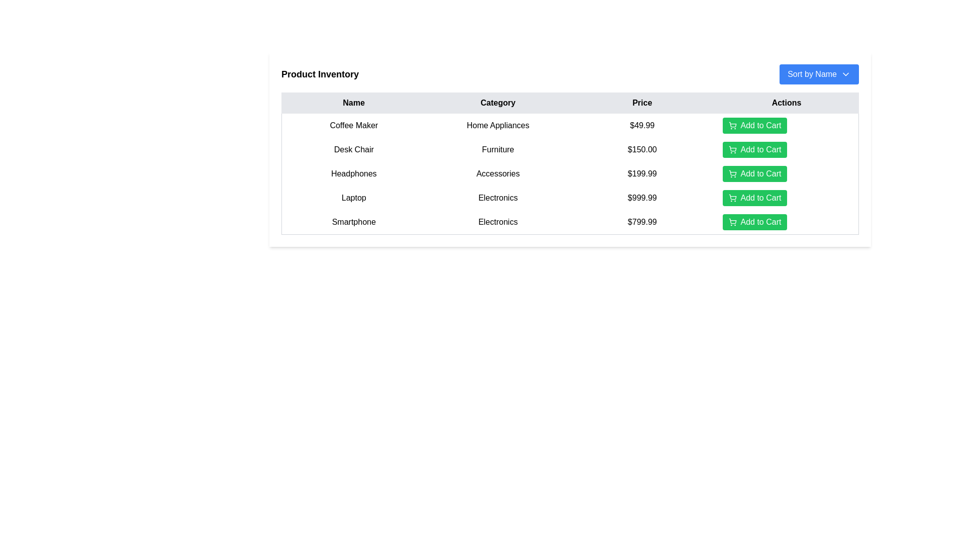 The image size is (965, 543). Describe the element at coordinates (354, 198) in the screenshot. I see `the centered text label displaying 'Laptop' located in the fourth row under the 'Name' column of the table` at that location.